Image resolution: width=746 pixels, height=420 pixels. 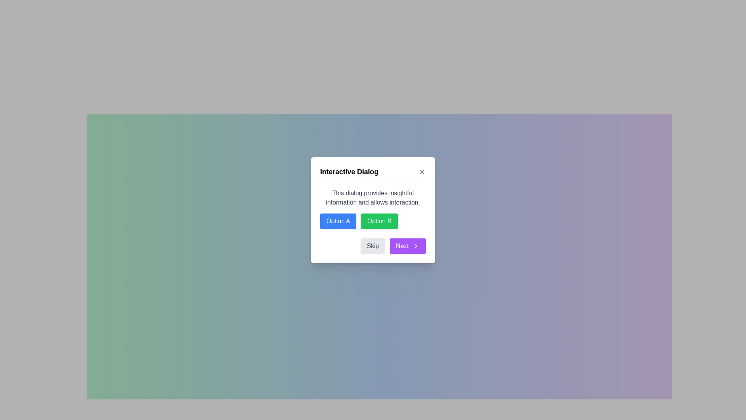 I want to click on the button labeled 'Option B' with a green background, so click(x=379, y=221).